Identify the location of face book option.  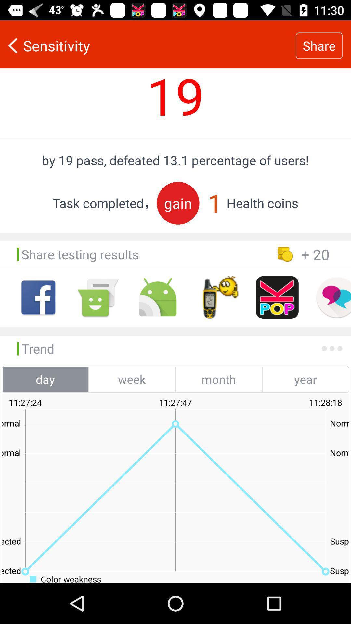
(38, 297).